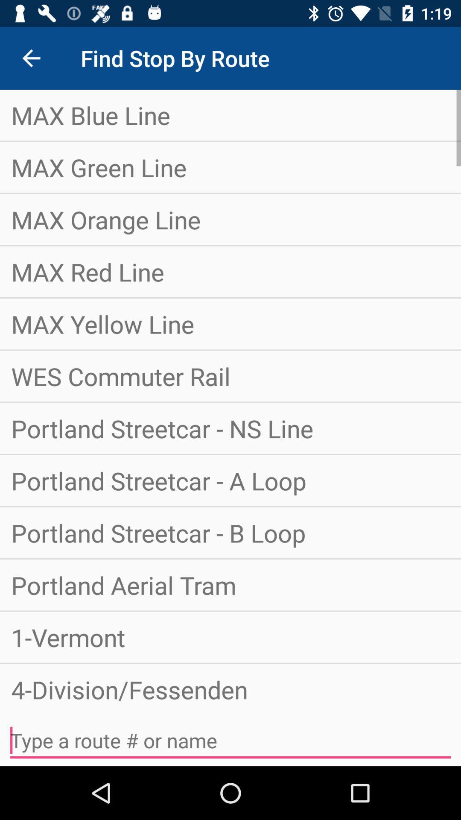  What do you see at coordinates (230, 740) in the screenshot?
I see `icon below the 4-division/fessenden item` at bounding box center [230, 740].